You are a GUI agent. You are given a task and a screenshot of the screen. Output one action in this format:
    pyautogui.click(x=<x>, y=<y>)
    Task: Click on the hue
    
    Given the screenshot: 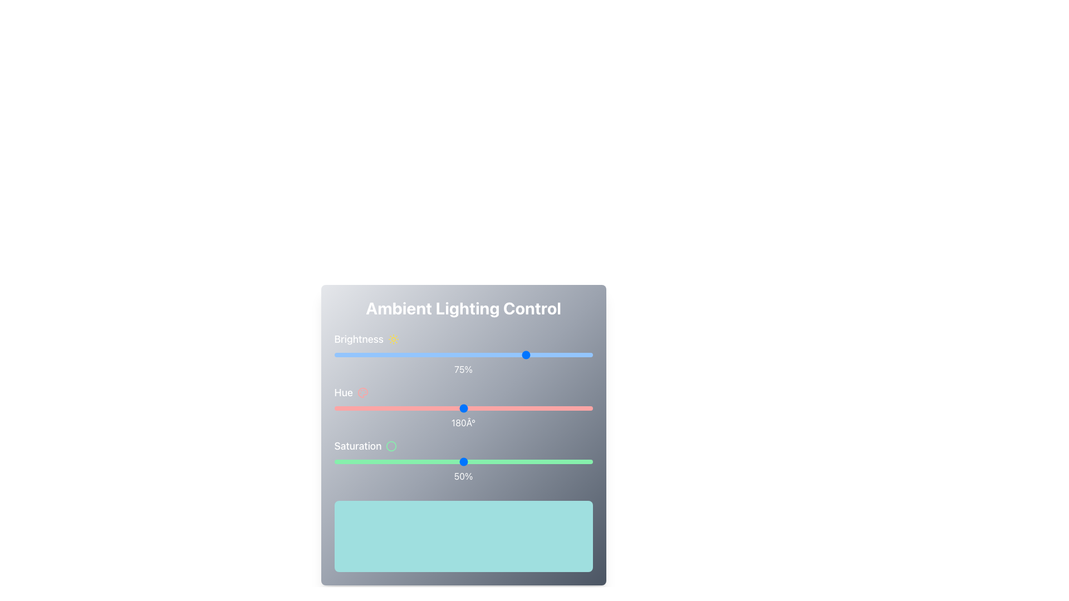 What is the action you would take?
    pyautogui.click(x=432, y=408)
    